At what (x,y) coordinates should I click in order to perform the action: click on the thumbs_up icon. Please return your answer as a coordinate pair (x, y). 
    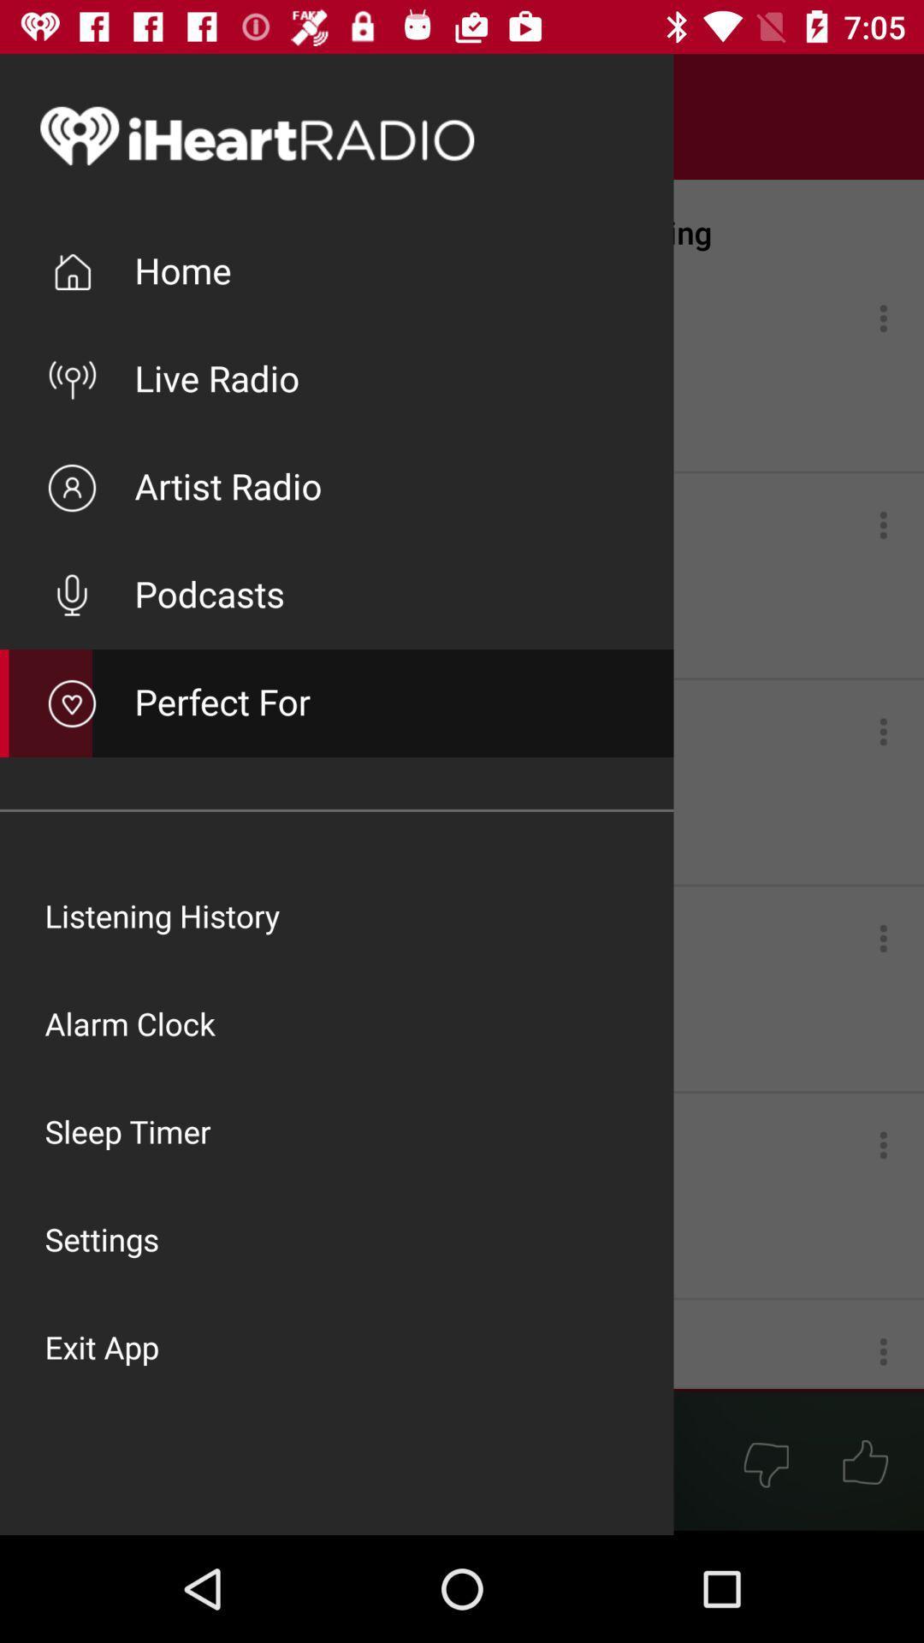
    Looking at the image, I should click on (865, 1462).